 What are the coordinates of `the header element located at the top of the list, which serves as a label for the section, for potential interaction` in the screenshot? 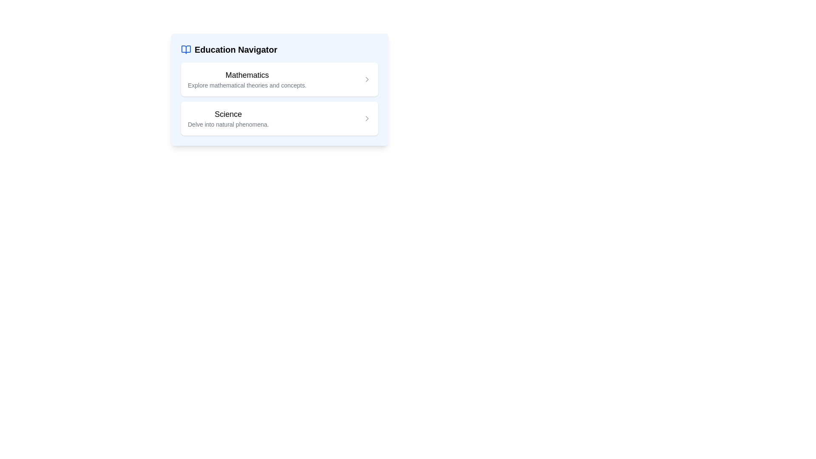 It's located at (229, 49).